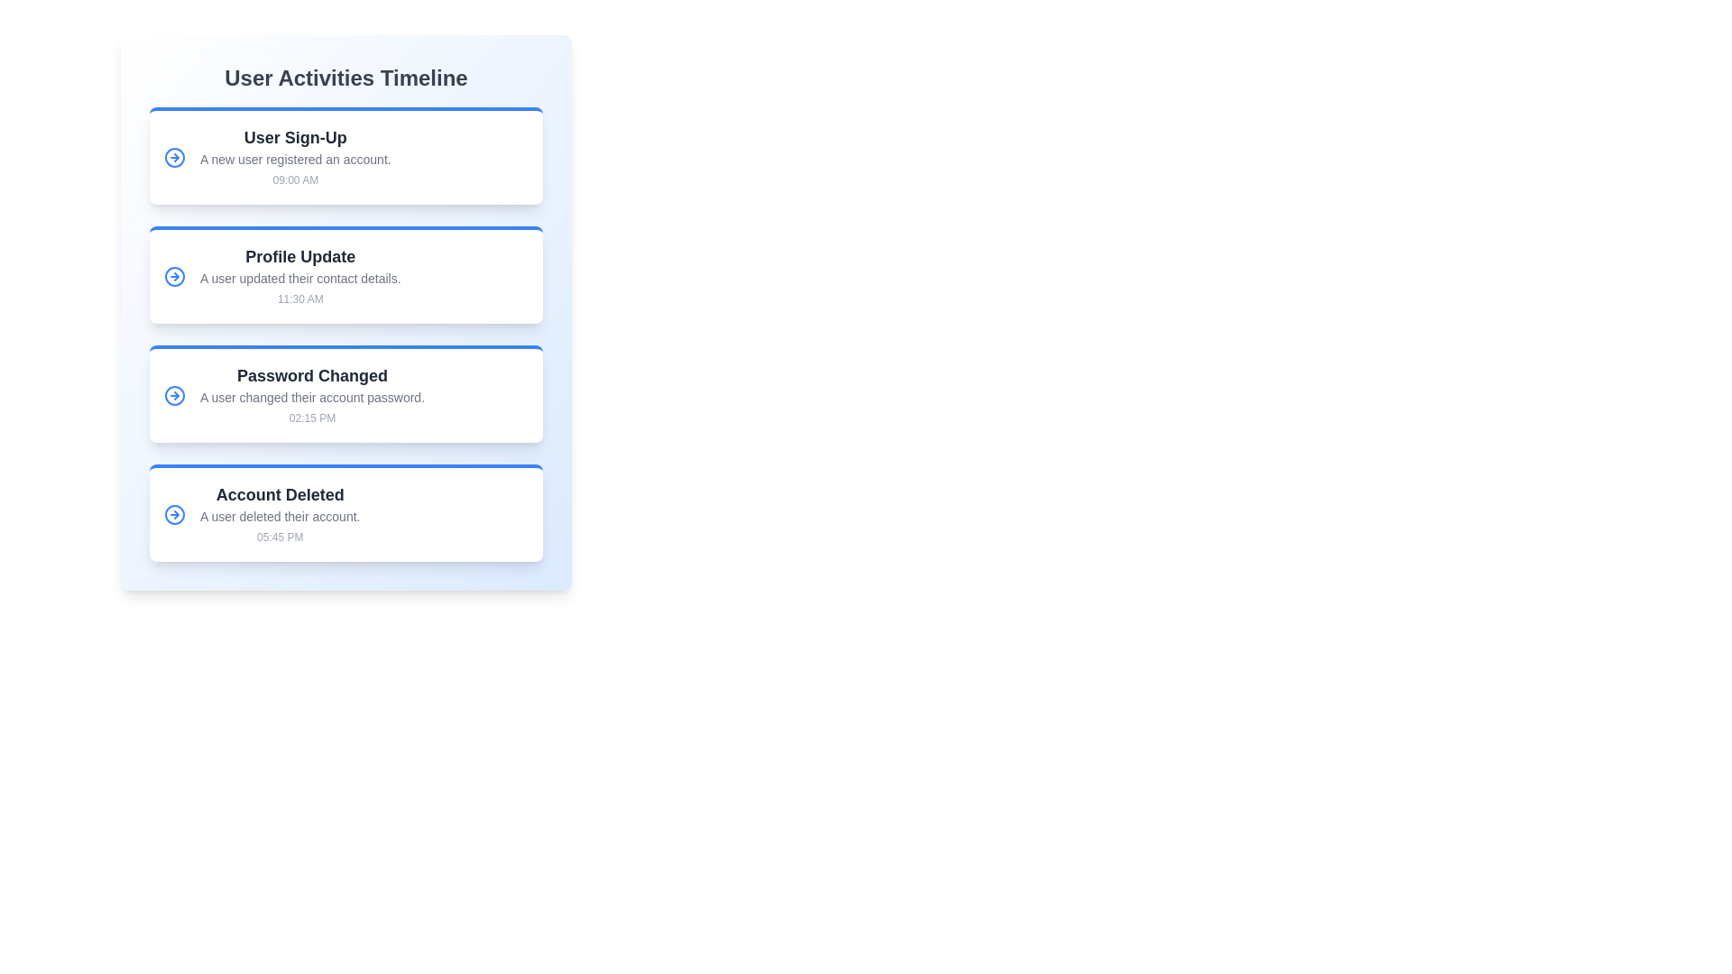 The height and width of the screenshot is (974, 1732). I want to click on the bold text label indicating 'Account Deleted' at the top of the user activity log entry, so click(279, 494).